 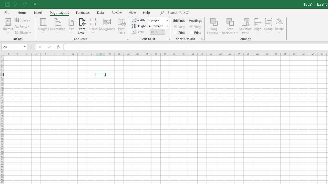 What do you see at coordinates (8, 26) in the screenshot?
I see `'Themes'` at bounding box center [8, 26].